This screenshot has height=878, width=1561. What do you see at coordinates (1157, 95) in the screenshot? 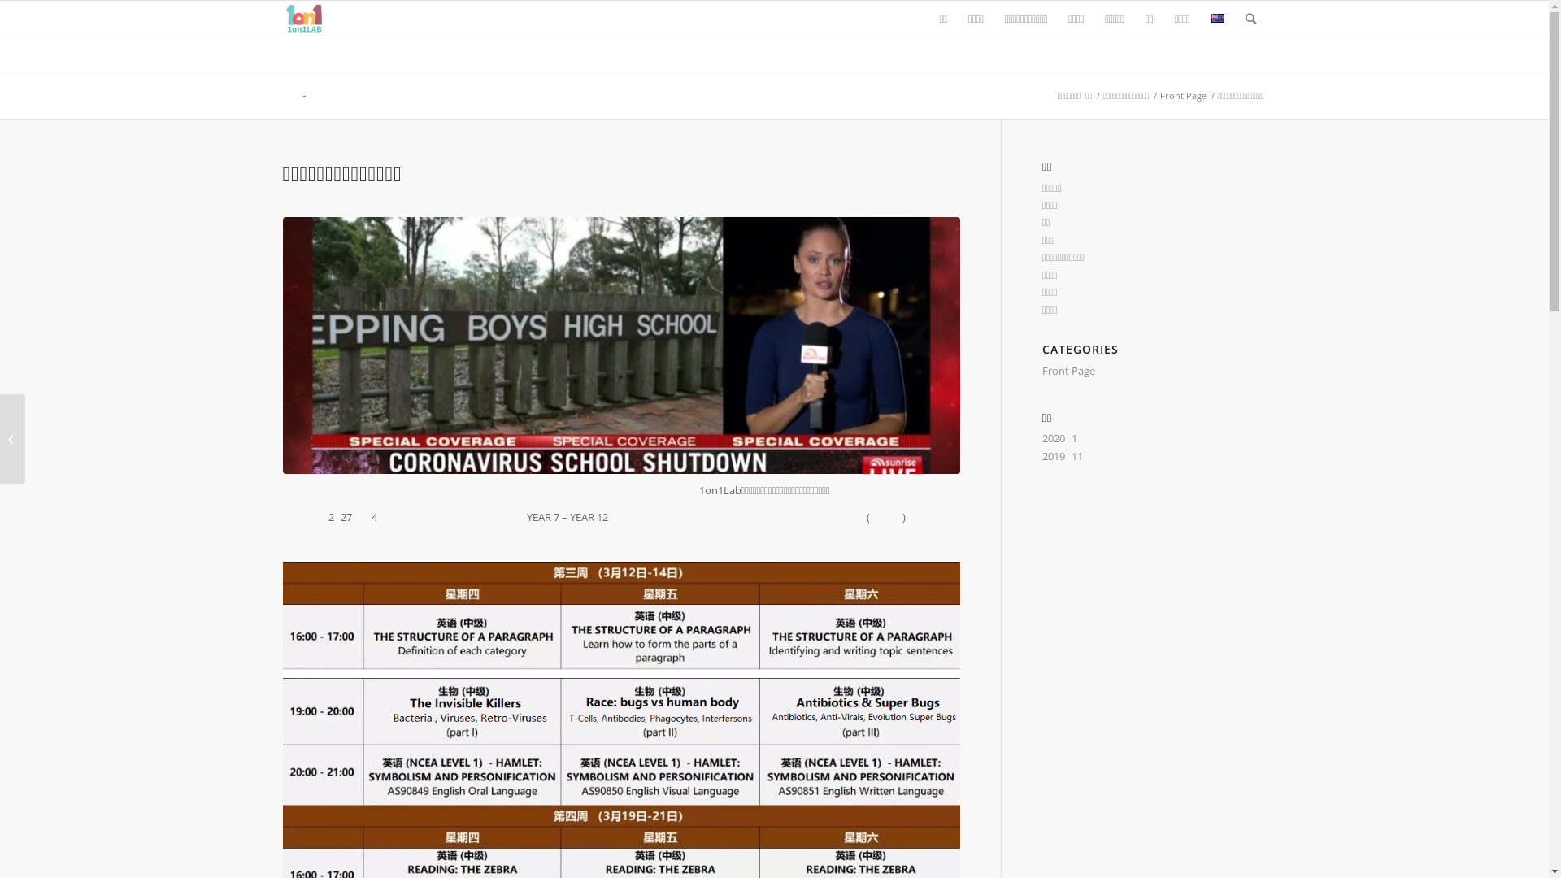
I see `'Front Page'` at bounding box center [1157, 95].